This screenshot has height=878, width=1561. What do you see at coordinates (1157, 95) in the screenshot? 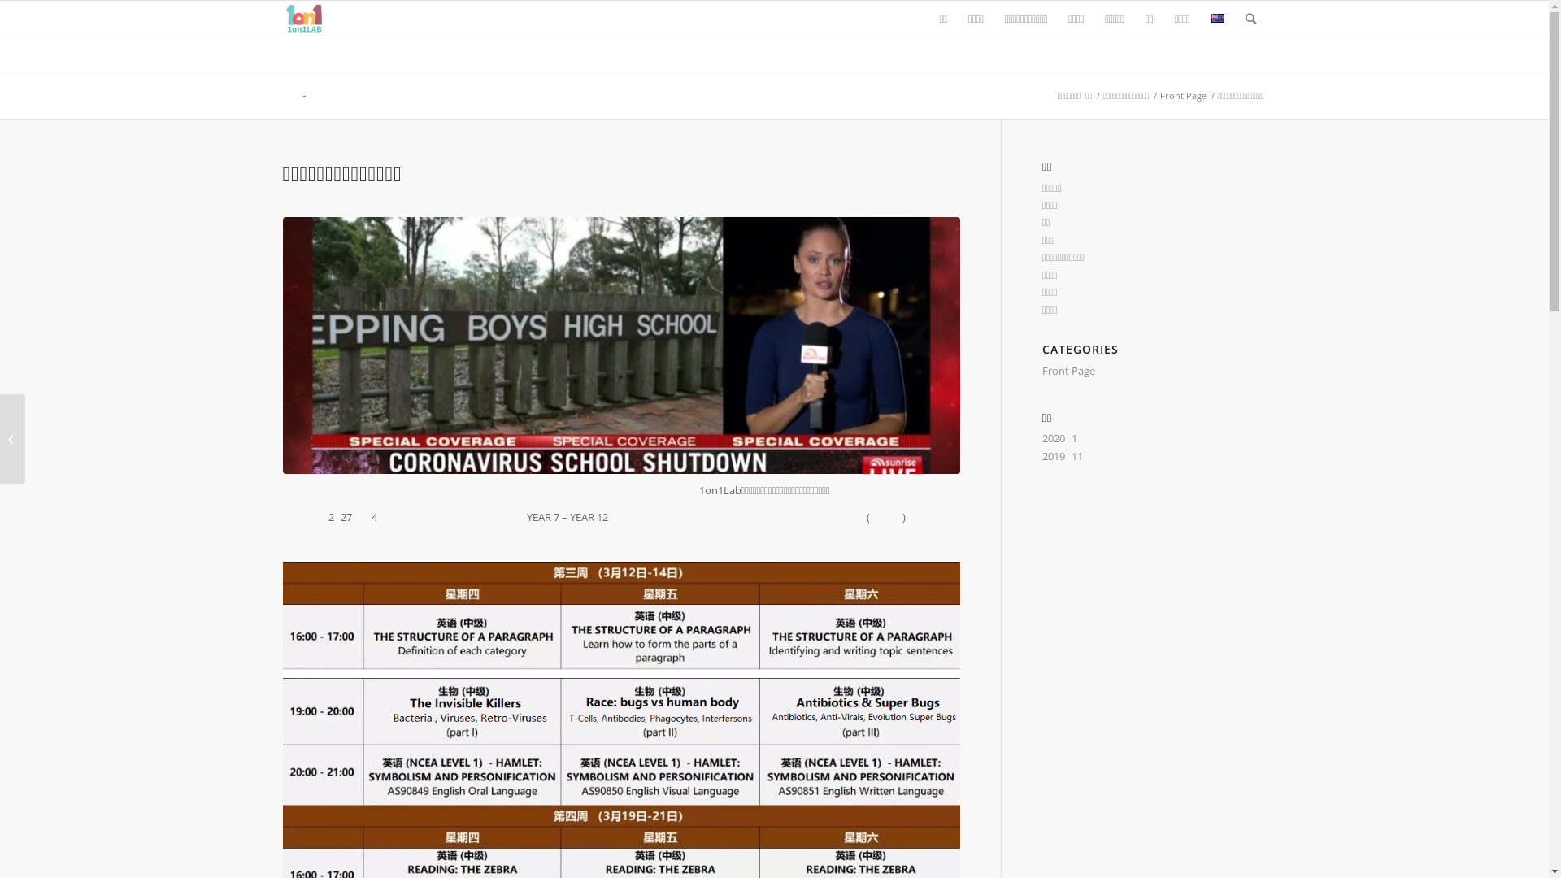
I see `'Front Page'` at bounding box center [1157, 95].